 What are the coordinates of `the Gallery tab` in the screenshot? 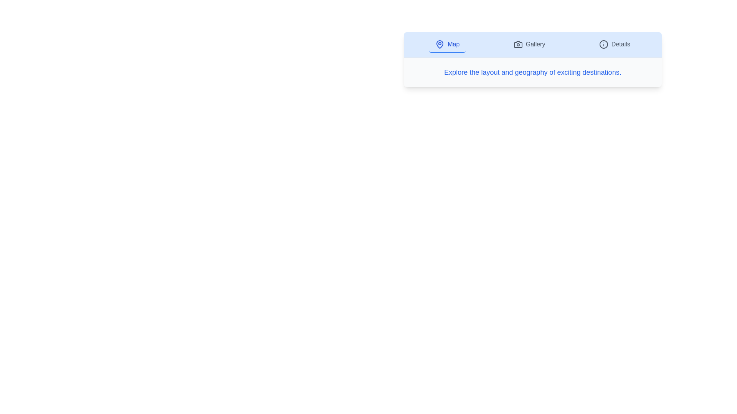 It's located at (529, 44).